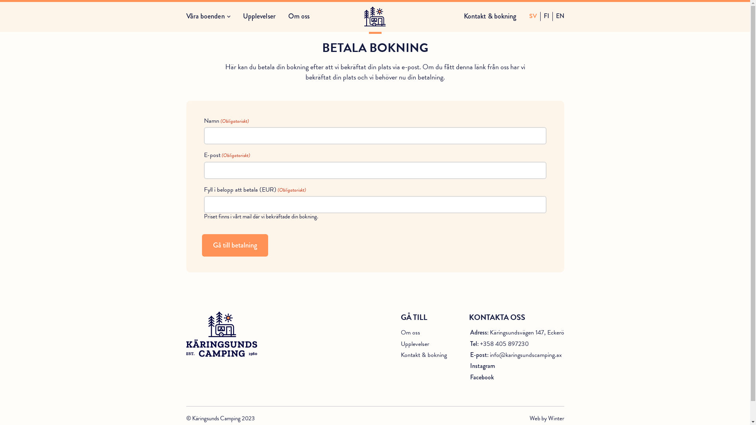 Image resolution: width=756 pixels, height=425 pixels. Describe the element at coordinates (526, 355) in the screenshot. I see `'info@karingsundscamping.ax'` at that location.